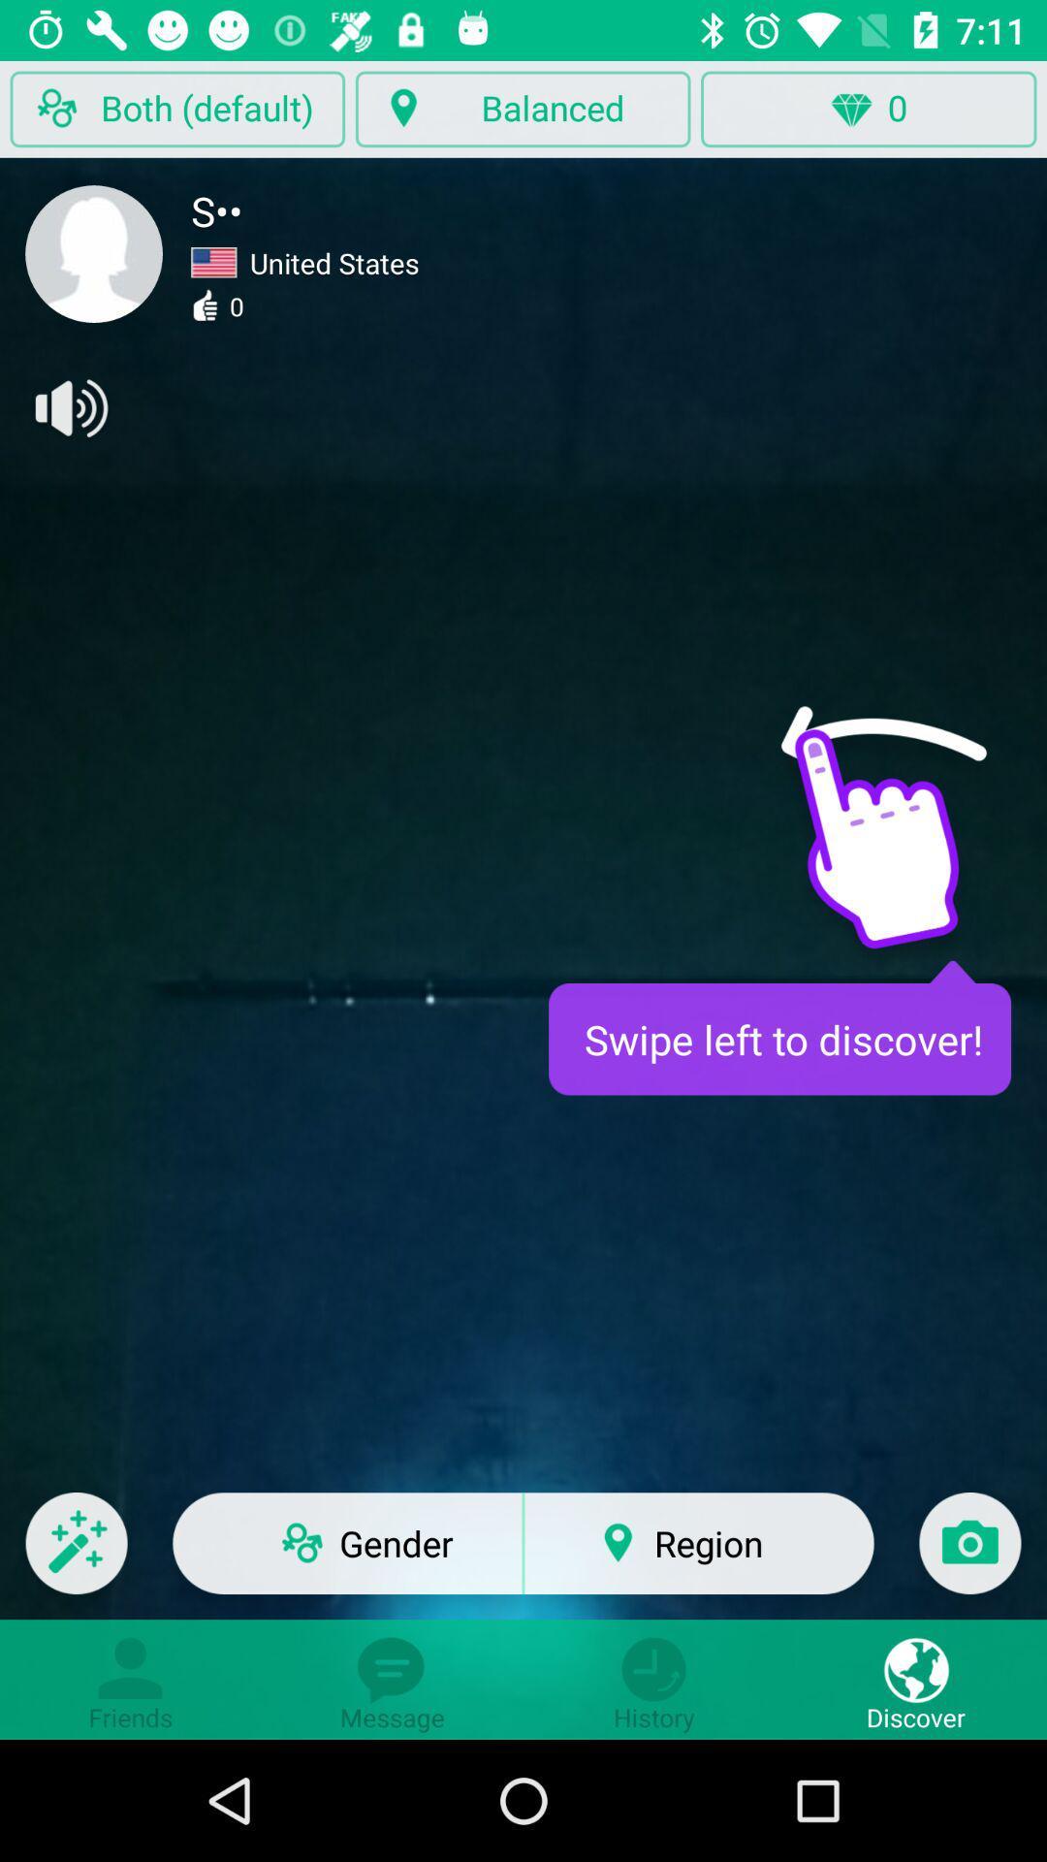 The image size is (1047, 1862). What do you see at coordinates (305, 261) in the screenshot?
I see `united states` at bounding box center [305, 261].